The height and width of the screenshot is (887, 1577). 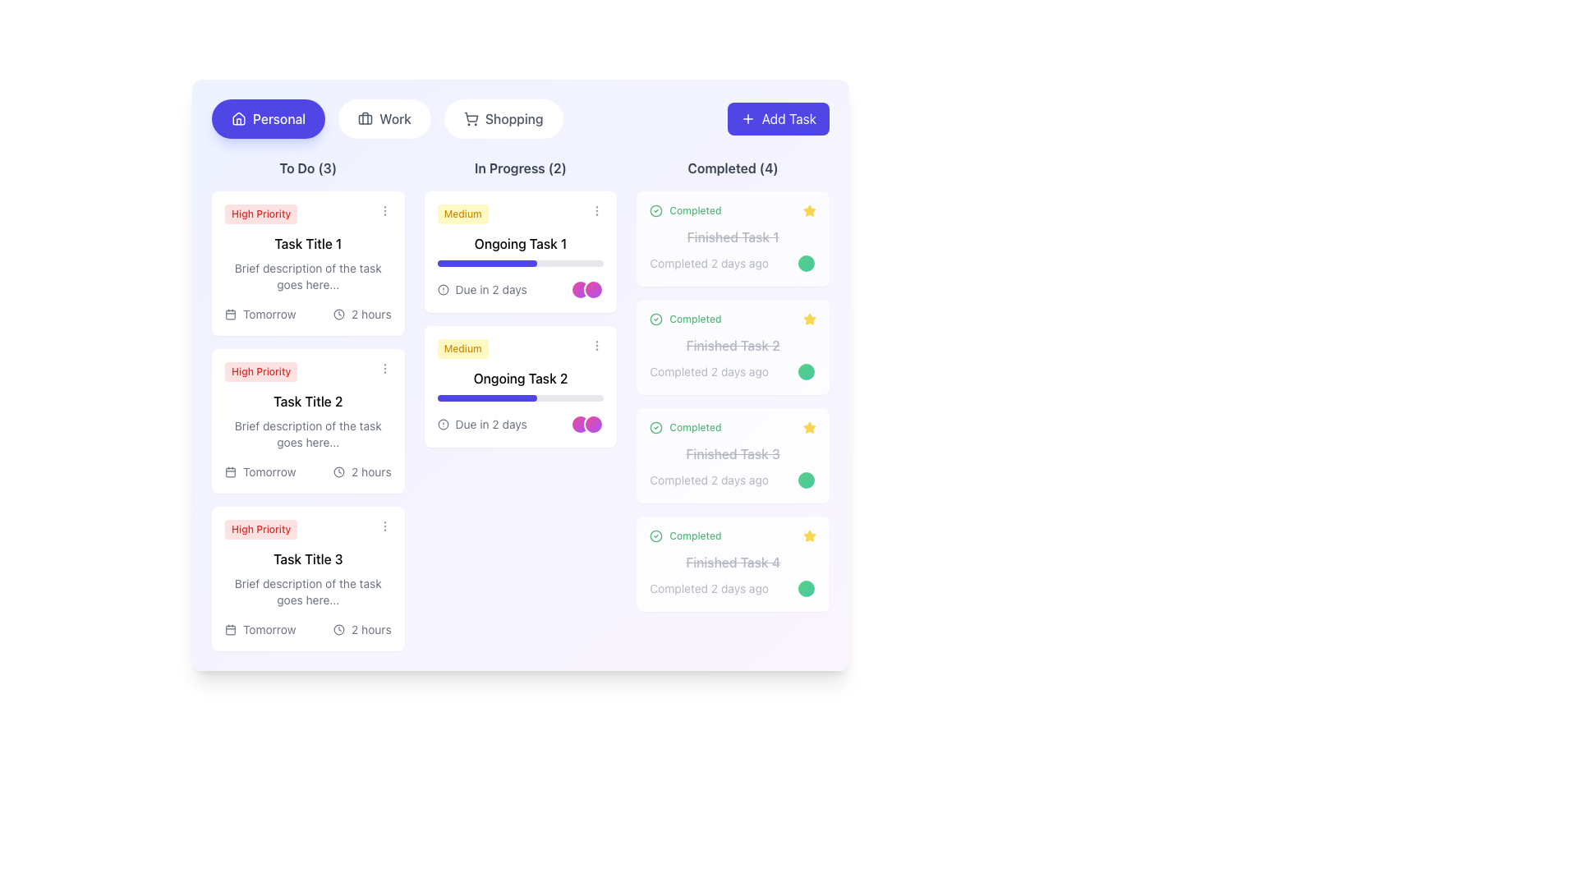 What do you see at coordinates (260, 471) in the screenshot?
I see `the Composite component consisting of a calendar icon and the text label 'Tomorrow' in the 'To Do' section under task 'Task Title 2'` at bounding box center [260, 471].